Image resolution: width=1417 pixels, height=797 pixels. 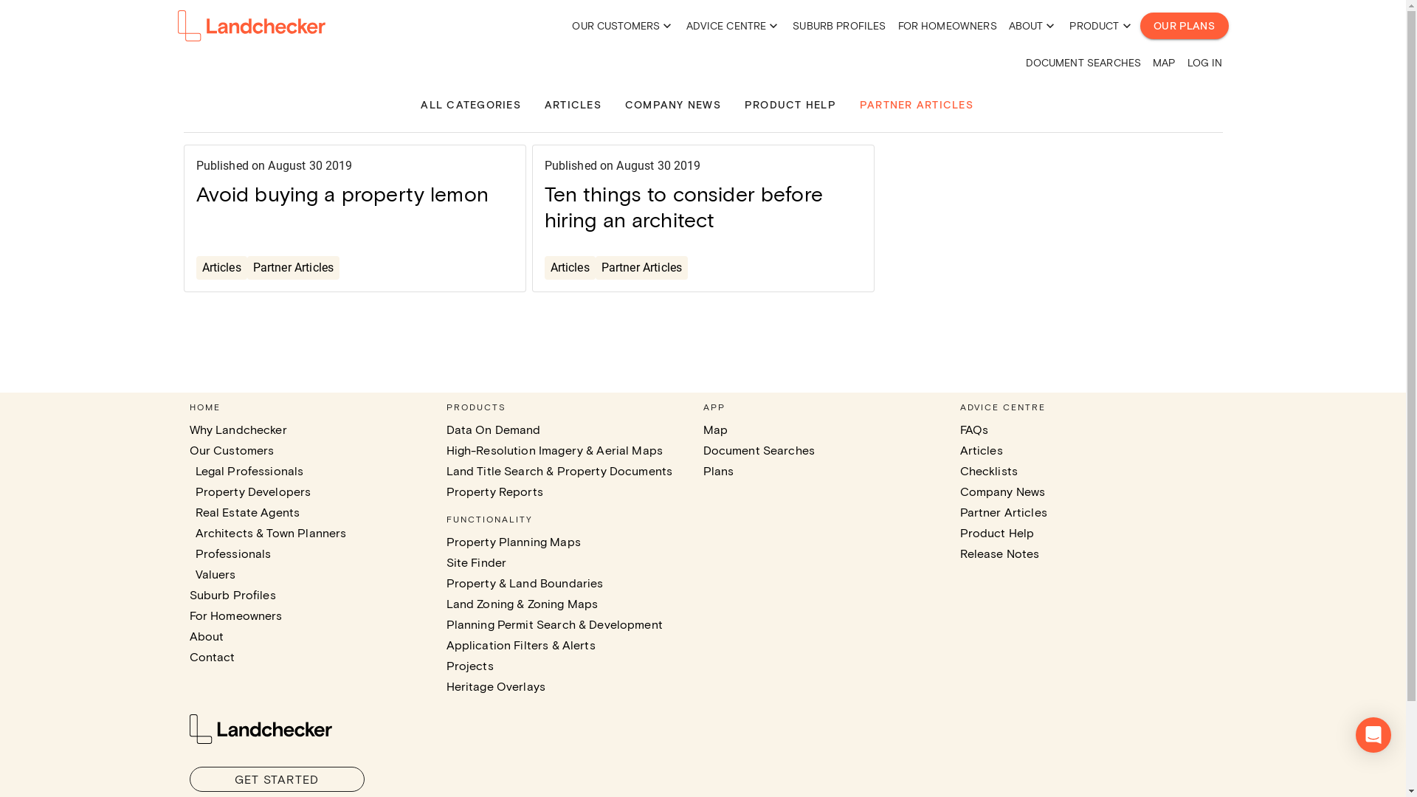 I want to click on 'SUBURB PROFILES', so click(x=839, y=25).